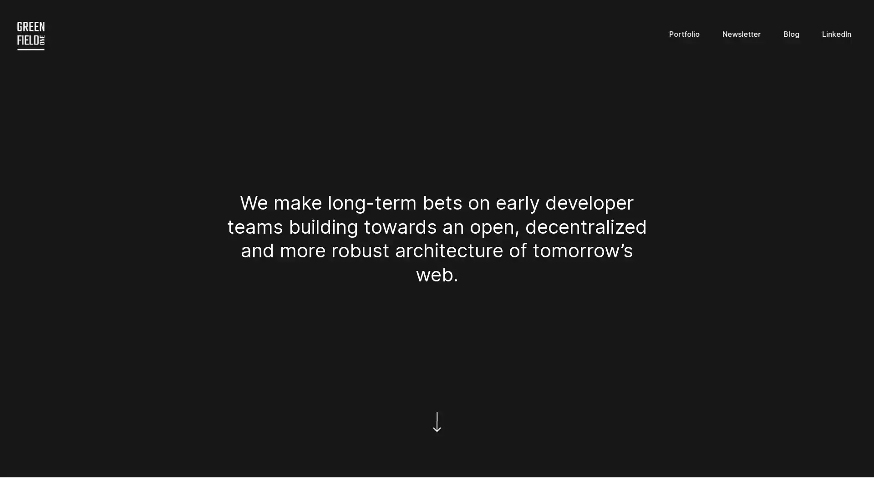 The image size is (874, 491). I want to click on Scroll down, so click(436, 422).